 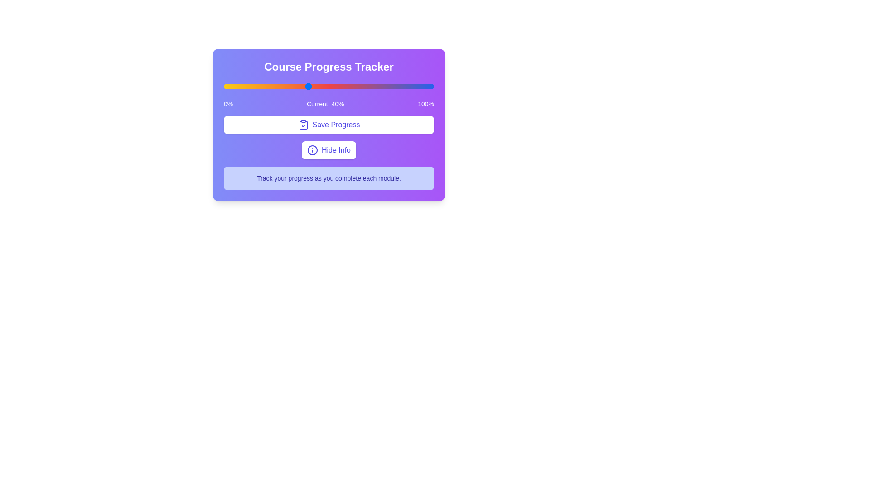 I want to click on the course progress, so click(x=343, y=86).